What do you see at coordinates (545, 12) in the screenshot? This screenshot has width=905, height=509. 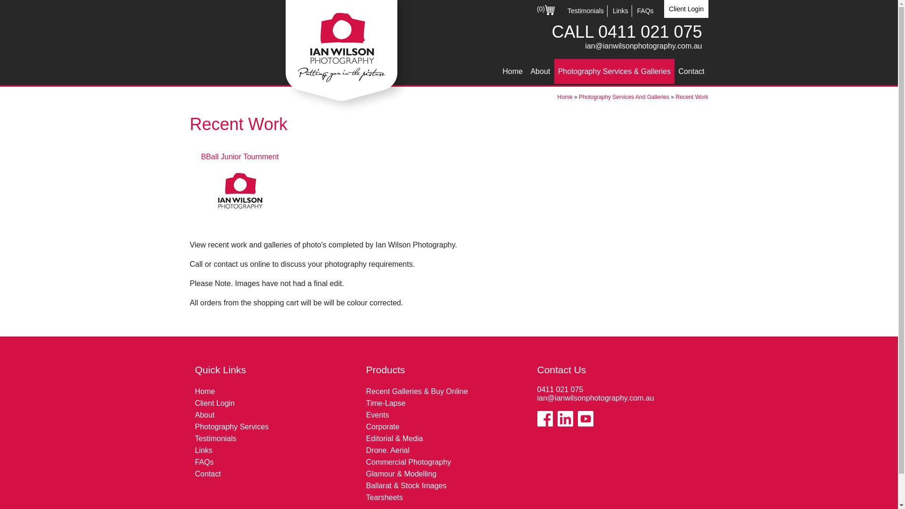 I see `'(0)'` at bounding box center [545, 12].